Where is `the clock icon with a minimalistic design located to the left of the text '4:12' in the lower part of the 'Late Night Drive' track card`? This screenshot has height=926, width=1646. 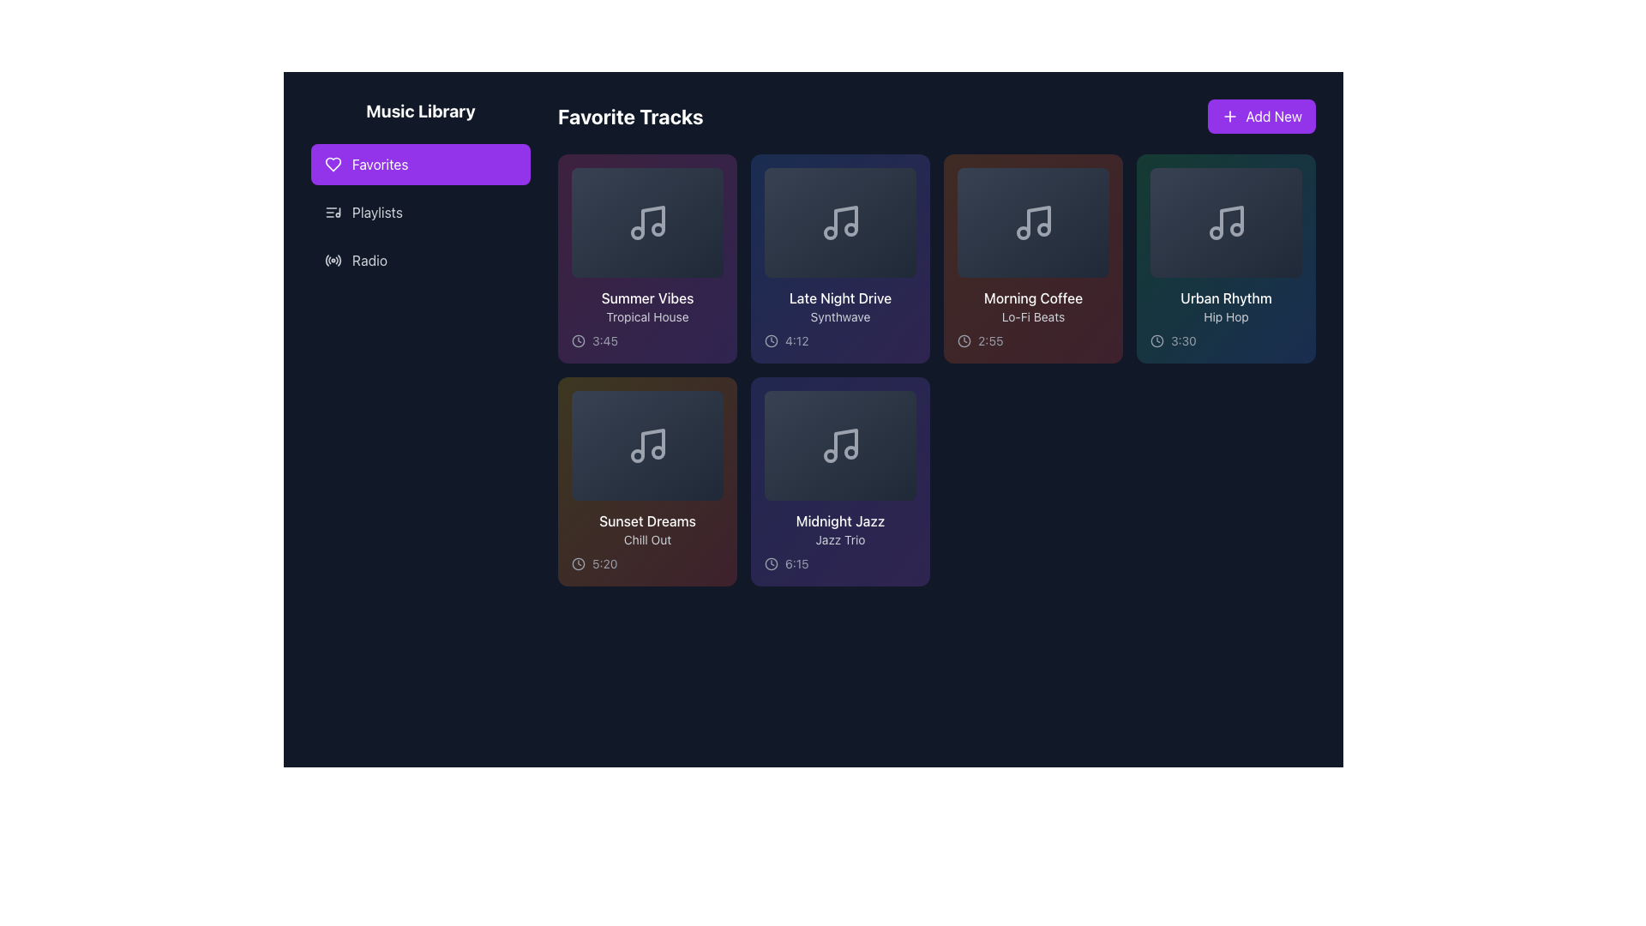 the clock icon with a minimalistic design located to the left of the text '4:12' in the lower part of the 'Late Night Drive' track card is located at coordinates (771, 340).